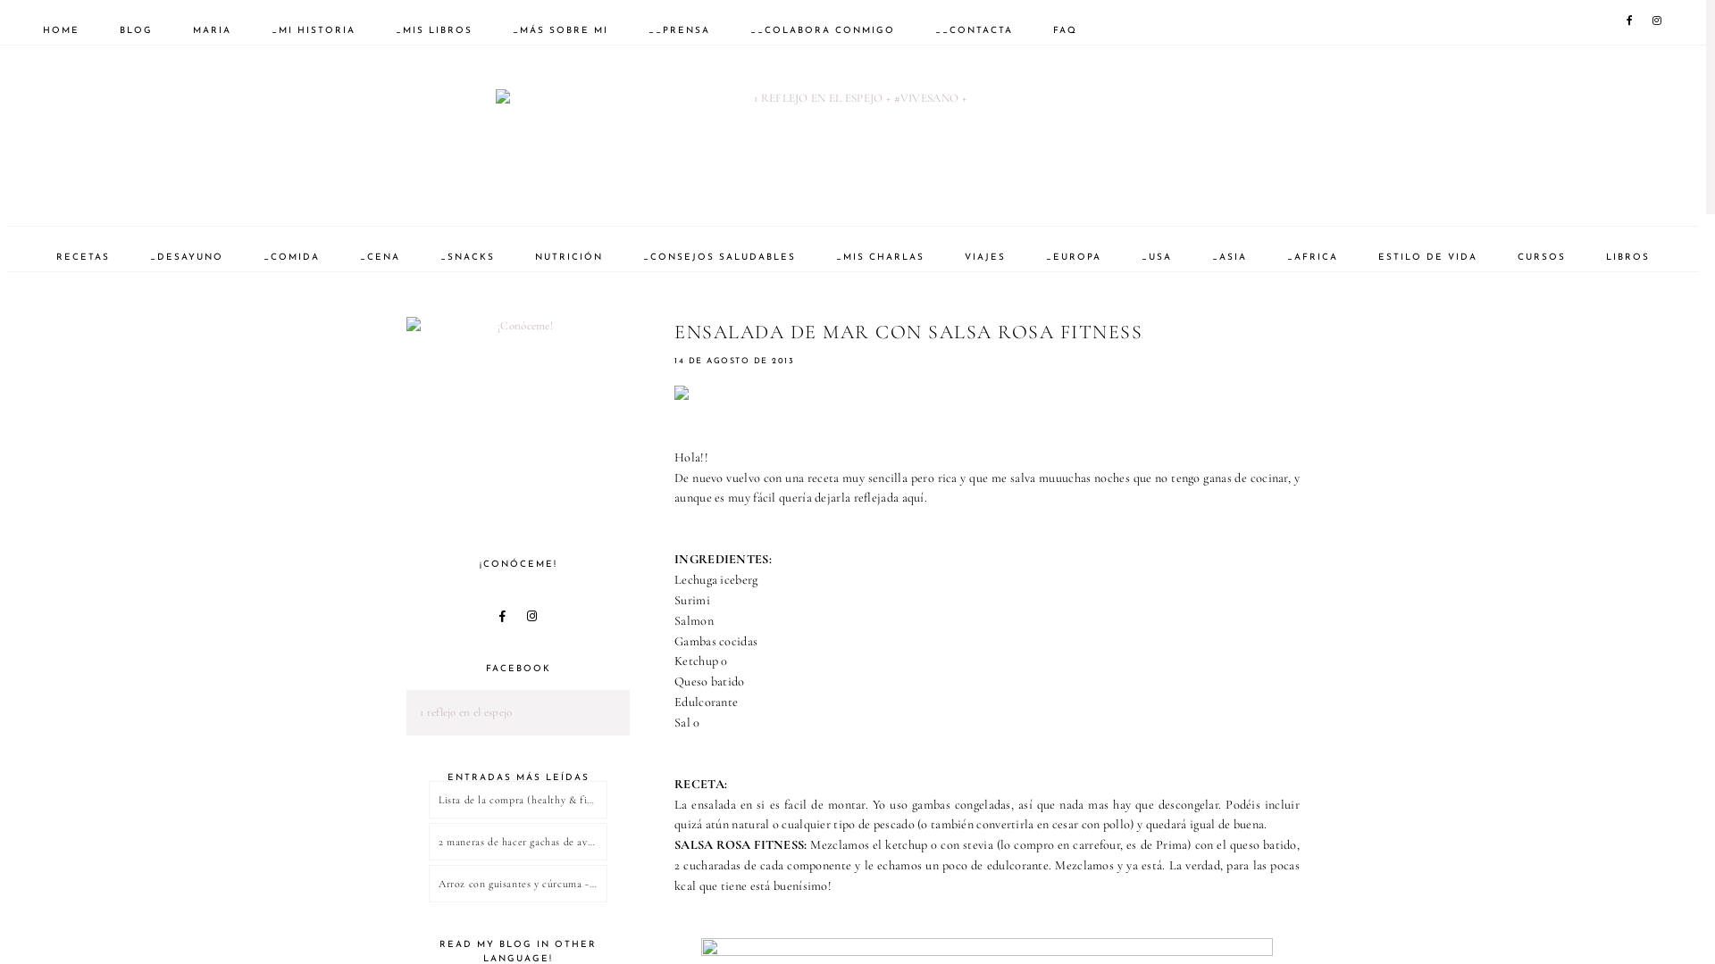 This screenshot has width=1715, height=964. I want to click on '2 maneras de hacer gachas de avena o porridge', so click(517, 841).